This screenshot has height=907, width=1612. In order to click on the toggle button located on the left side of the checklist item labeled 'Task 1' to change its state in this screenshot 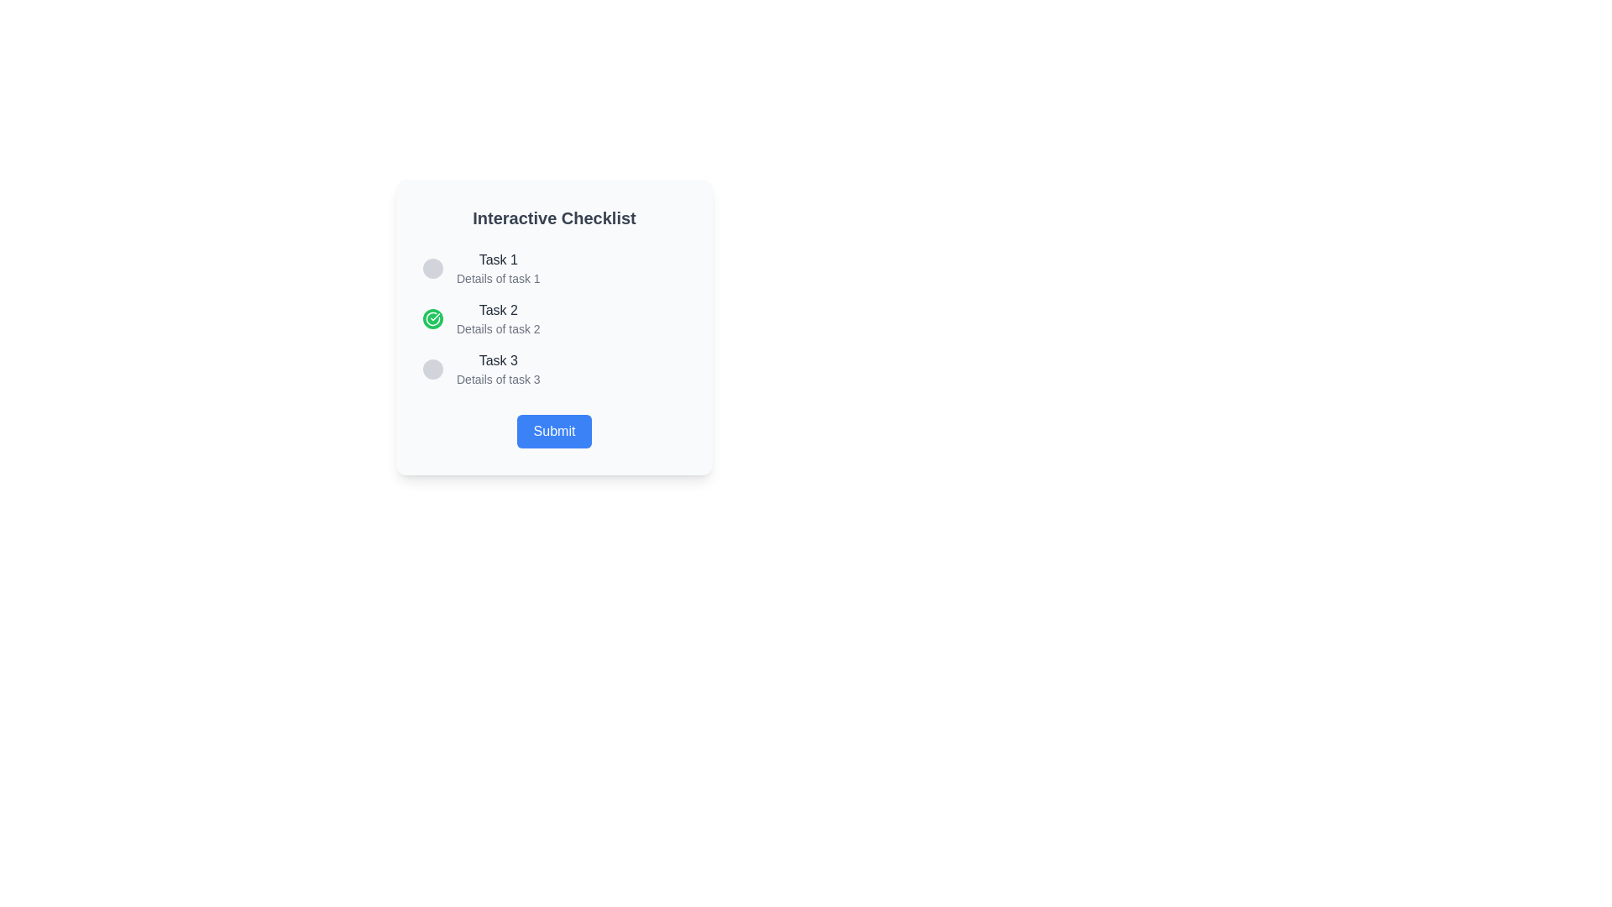, I will do `click(432, 268)`.